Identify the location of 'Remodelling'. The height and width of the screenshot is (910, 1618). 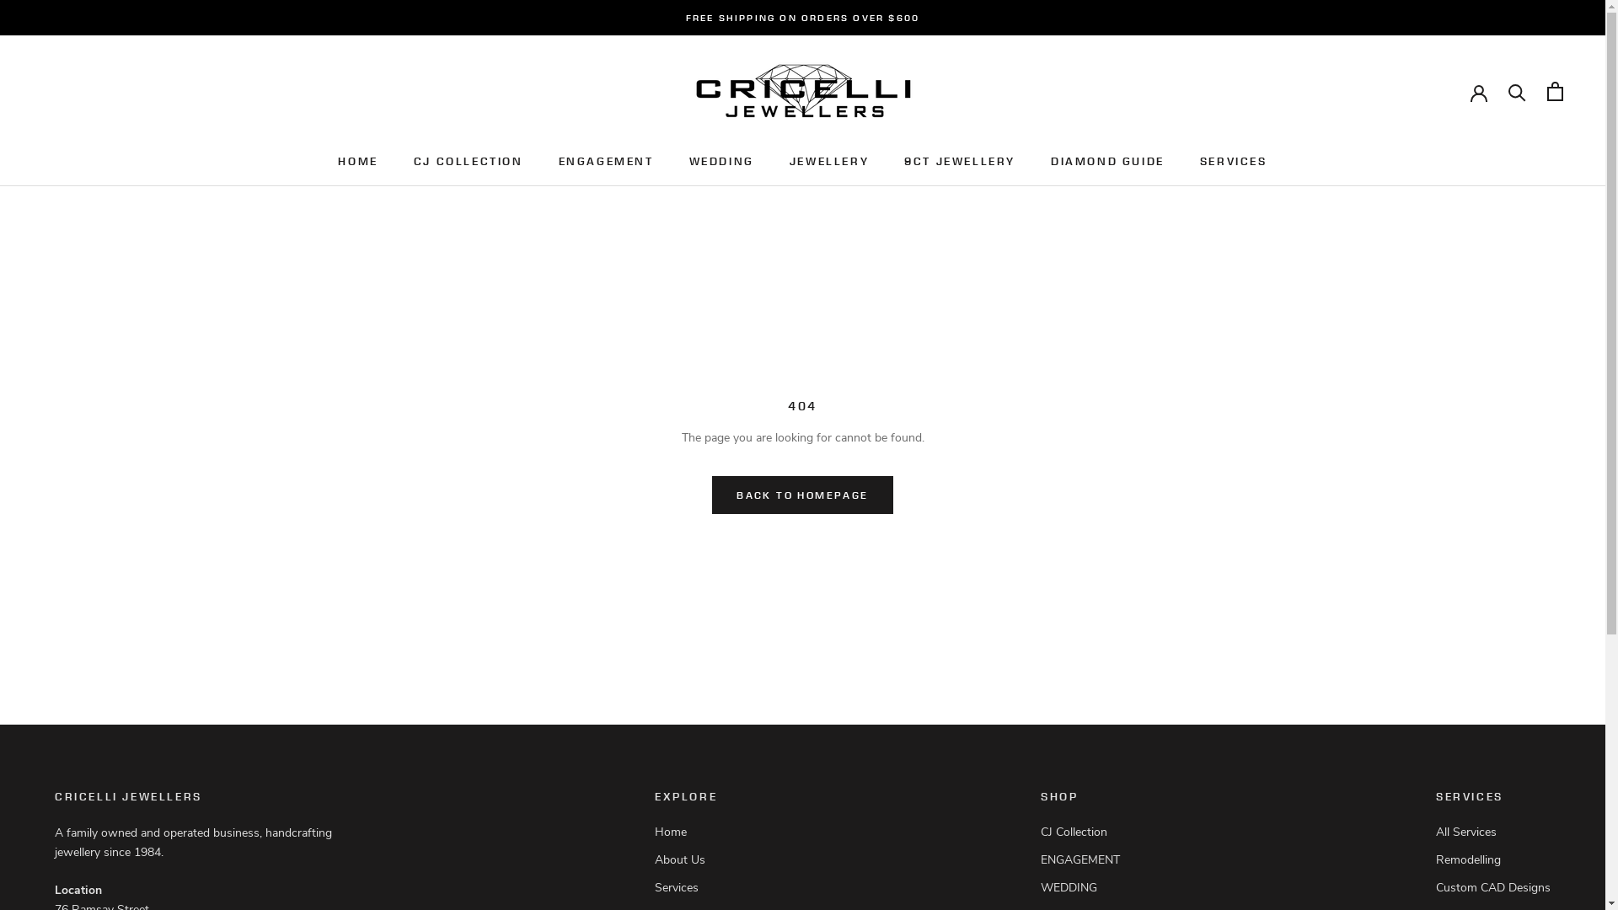
(1492, 859).